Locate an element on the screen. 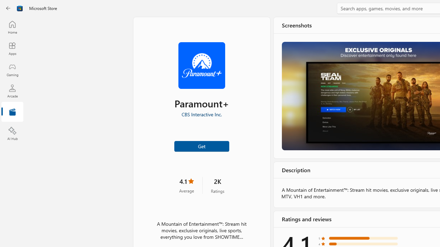 The image size is (440, 247). 'Get' is located at coordinates (201, 145).